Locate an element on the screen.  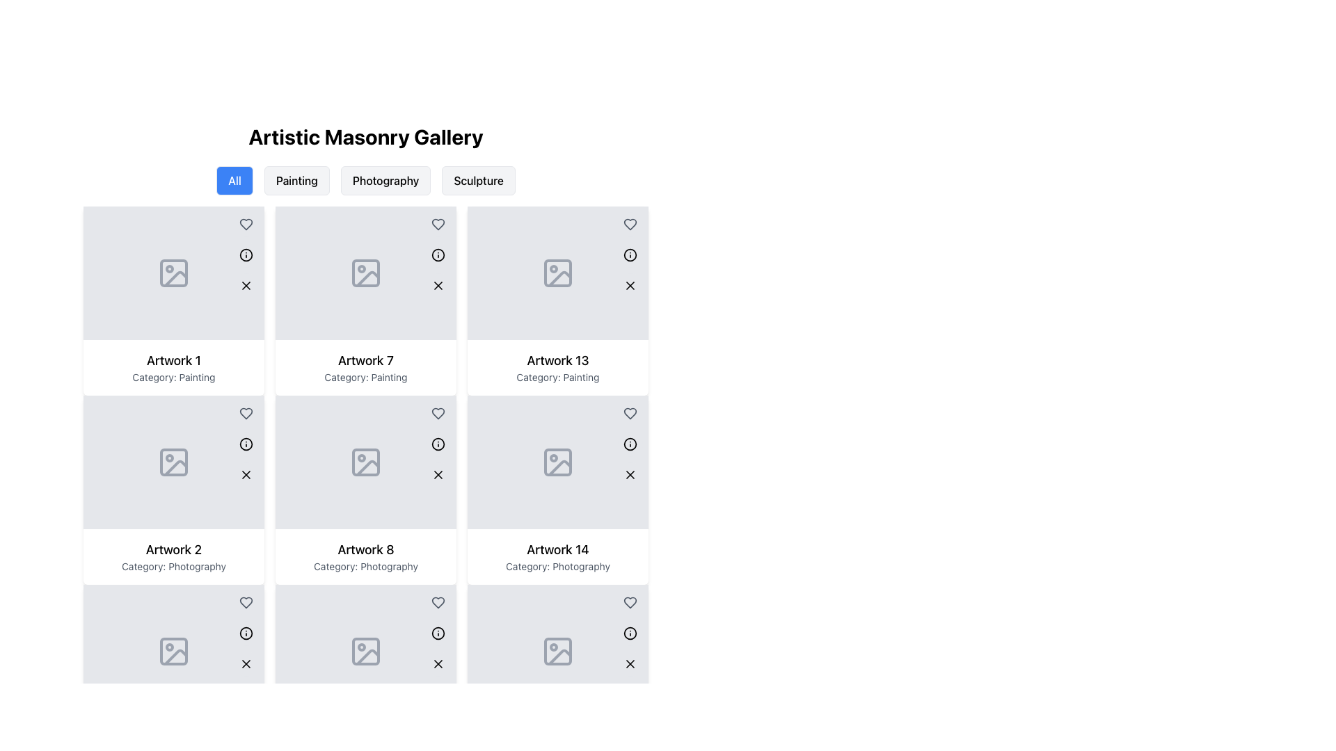
the 'X' icon button in the top-right corner of the card labeled 'Artwork 7' is located at coordinates (437, 285).